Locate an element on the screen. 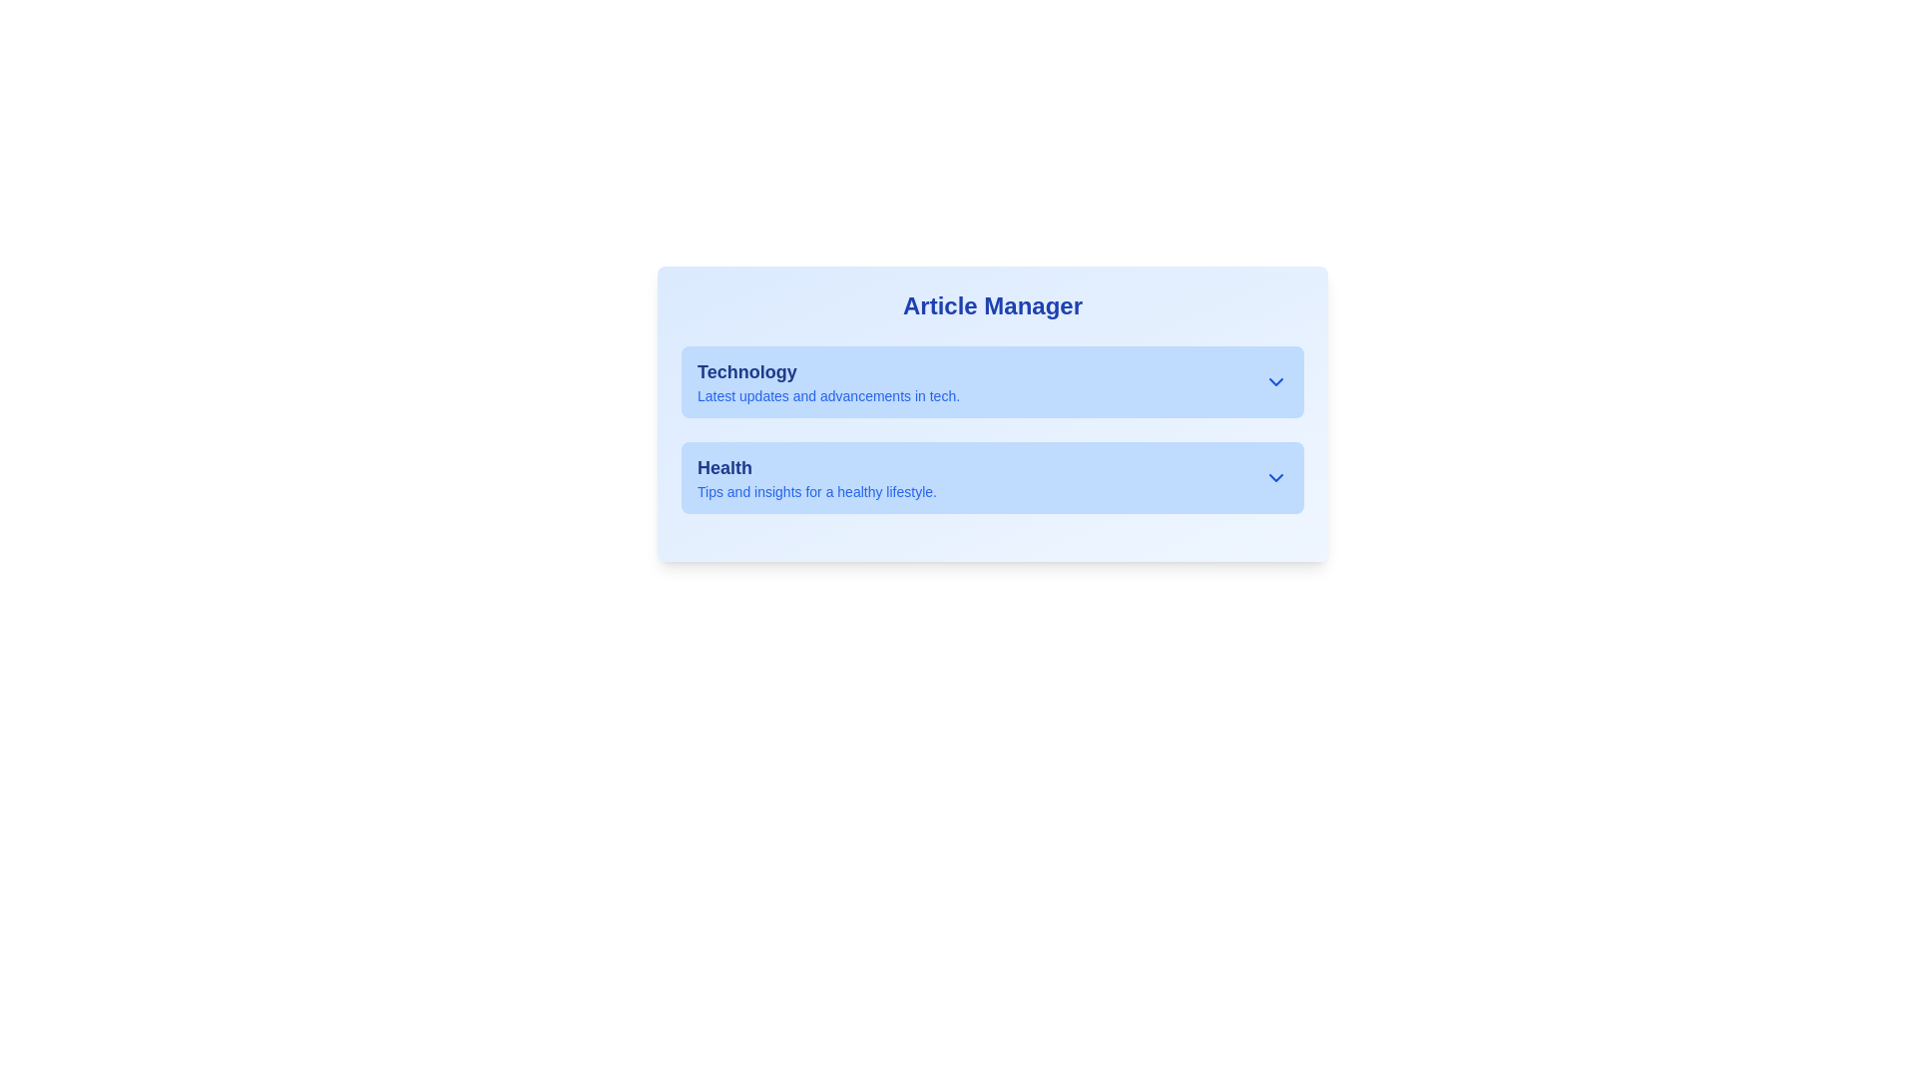 This screenshot has width=1916, height=1078. the icon located at the far-right edge of the 'Health' section is located at coordinates (1274, 477).